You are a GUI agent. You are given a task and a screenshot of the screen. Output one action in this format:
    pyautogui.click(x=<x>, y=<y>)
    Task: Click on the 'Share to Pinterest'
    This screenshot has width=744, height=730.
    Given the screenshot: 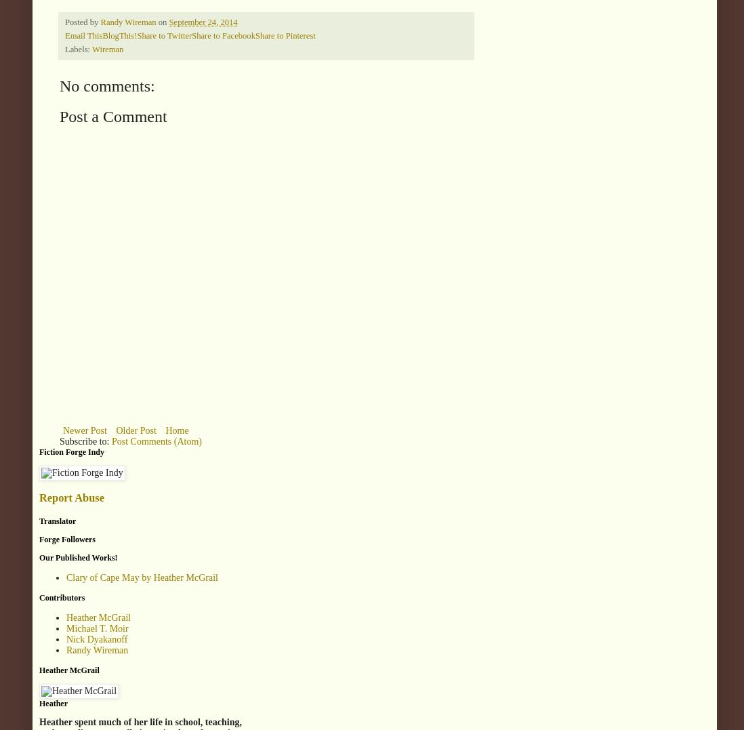 What is the action you would take?
    pyautogui.click(x=284, y=35)
    